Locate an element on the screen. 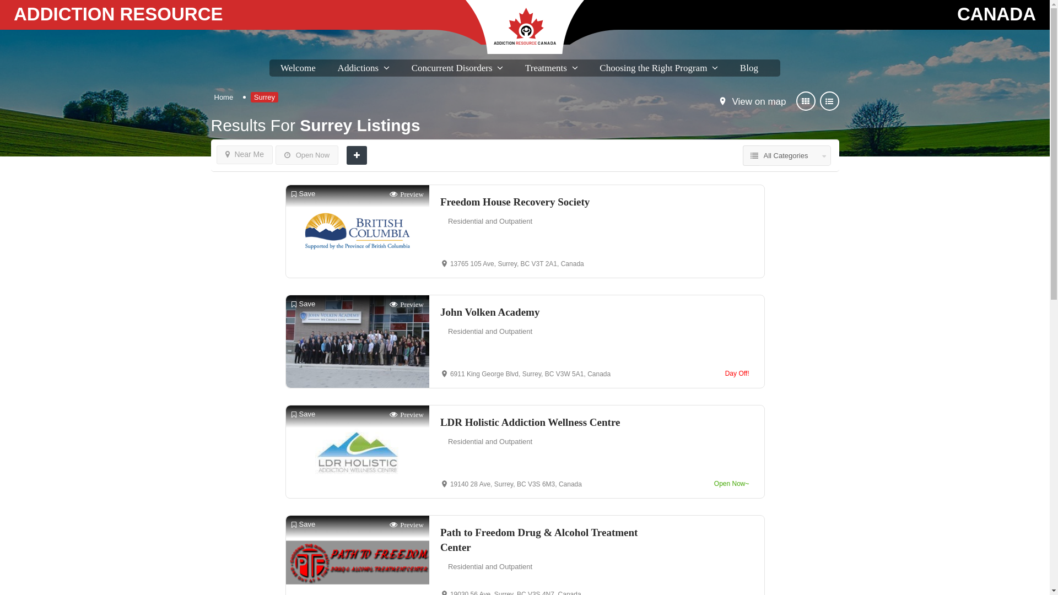 The height and width of the screenshot is (595, 1058). 'Day Off!' is located at coordinates (721, 373).